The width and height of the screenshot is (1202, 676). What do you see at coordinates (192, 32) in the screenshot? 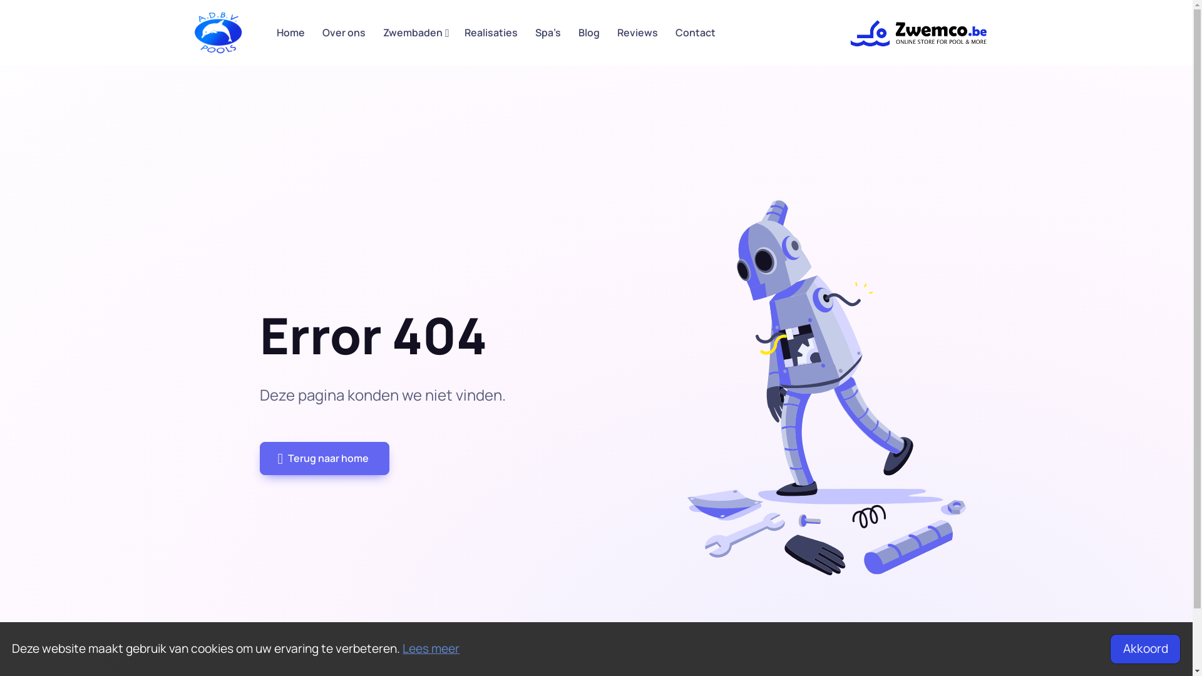
I see `'Skip to navigation'` at bounding box center [192, 32].